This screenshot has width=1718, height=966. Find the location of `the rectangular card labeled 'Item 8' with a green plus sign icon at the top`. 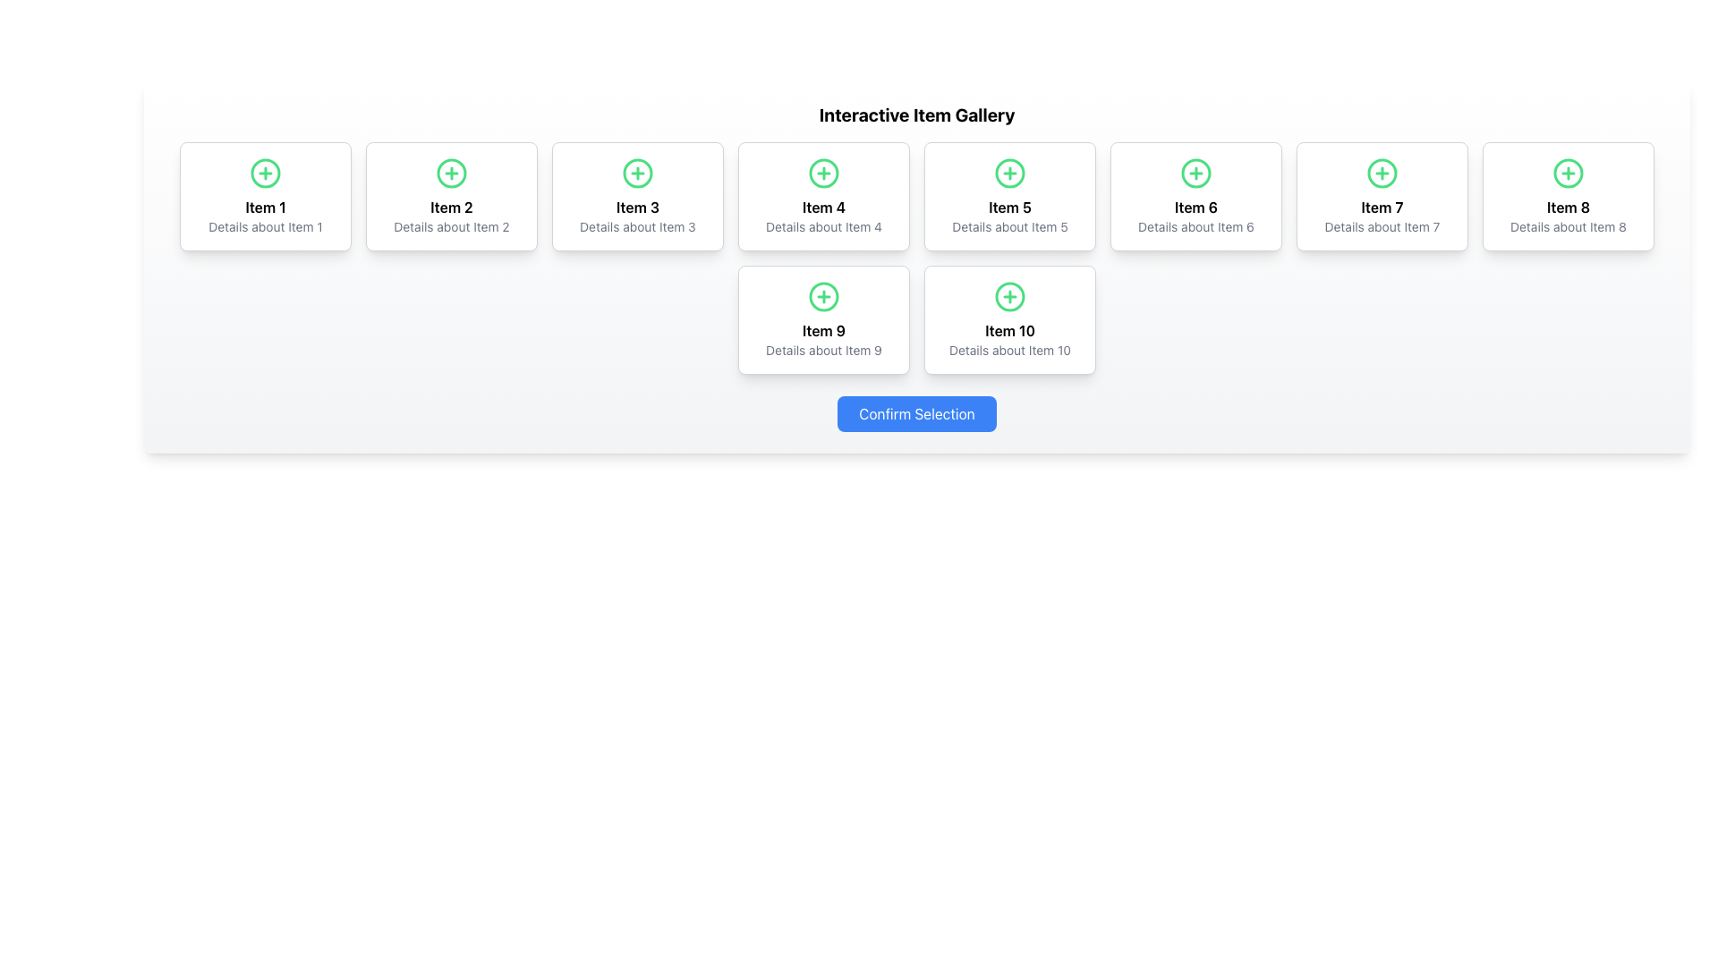

the rectangular card labeled 'Item 8' with a green plus sign icon at the top is located at coordinates (1567, 196).